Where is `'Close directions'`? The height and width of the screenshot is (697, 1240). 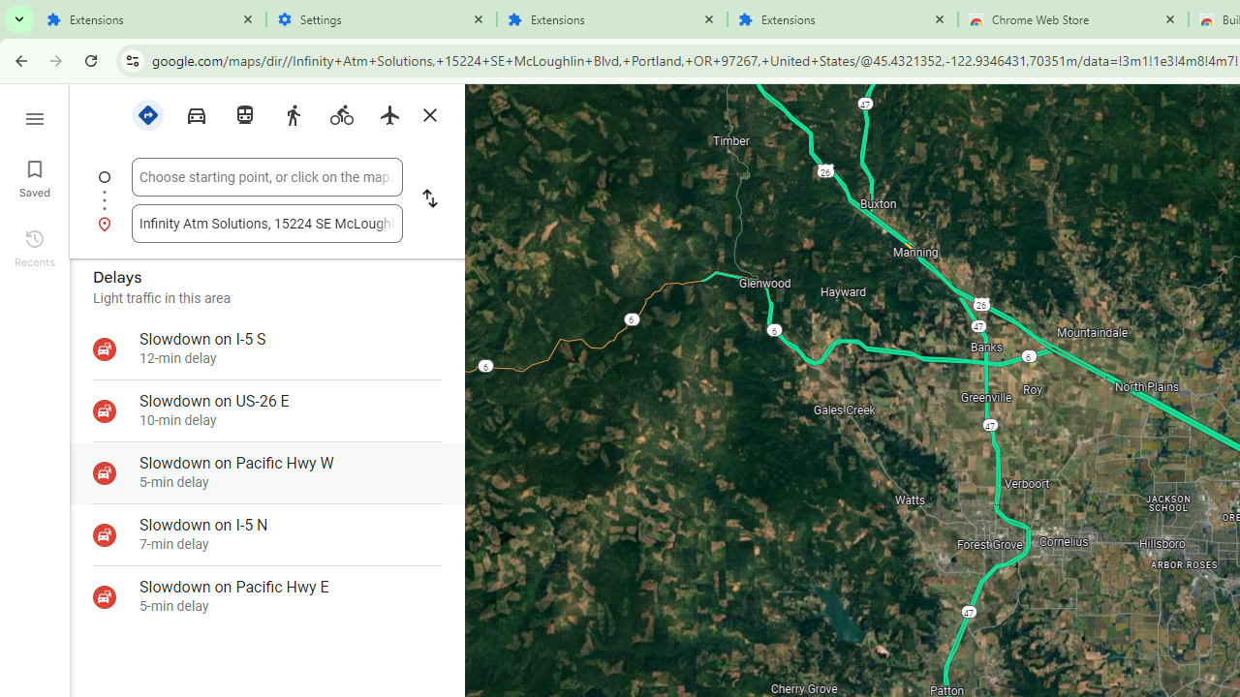
'Close directions' is located at coordinates (428, 115).